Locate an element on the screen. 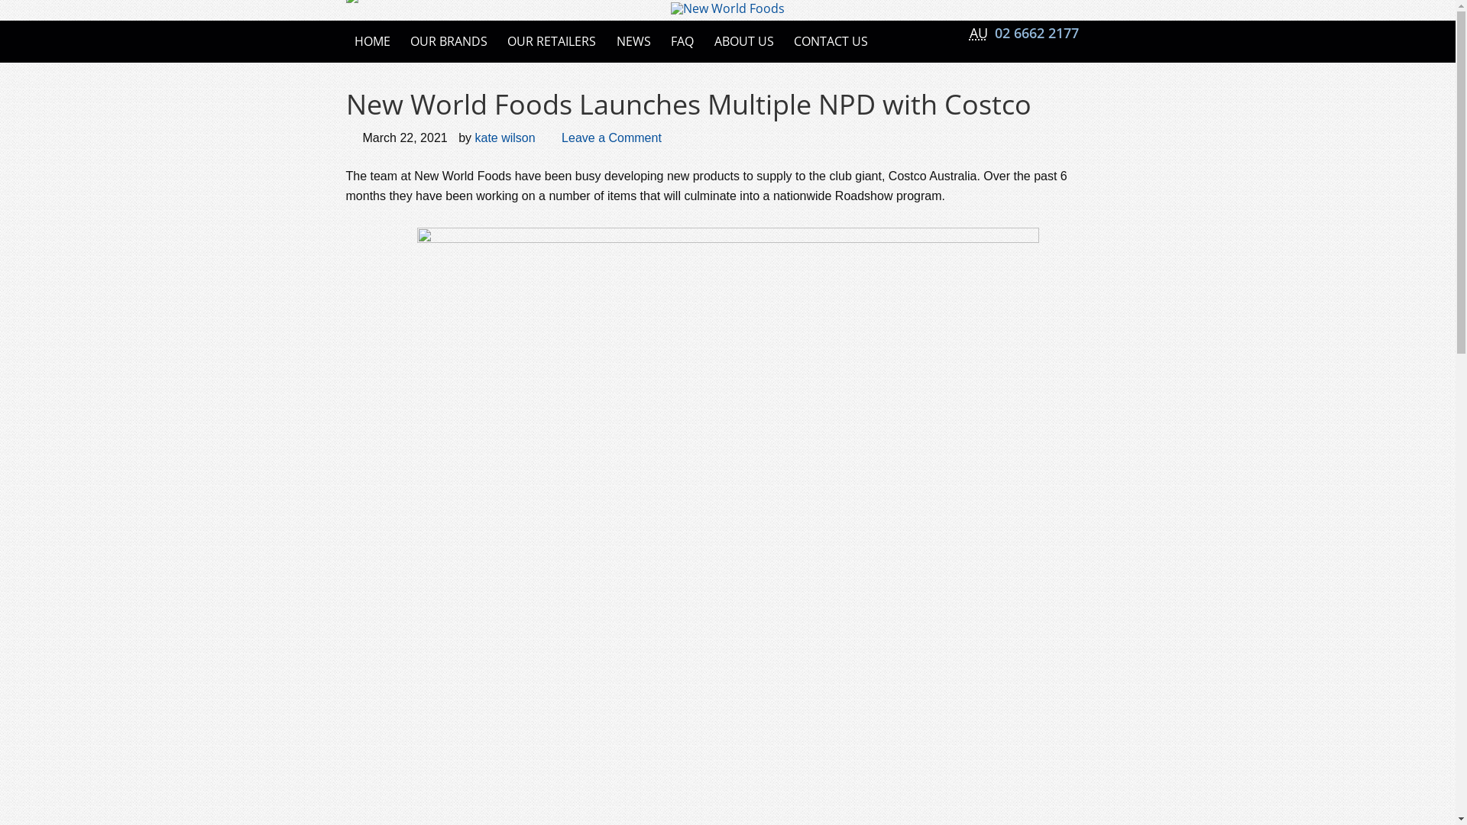 The width and height of the screenshot is (1467, 825). 'Leave a Comment' is located at coordinates (611, 137).